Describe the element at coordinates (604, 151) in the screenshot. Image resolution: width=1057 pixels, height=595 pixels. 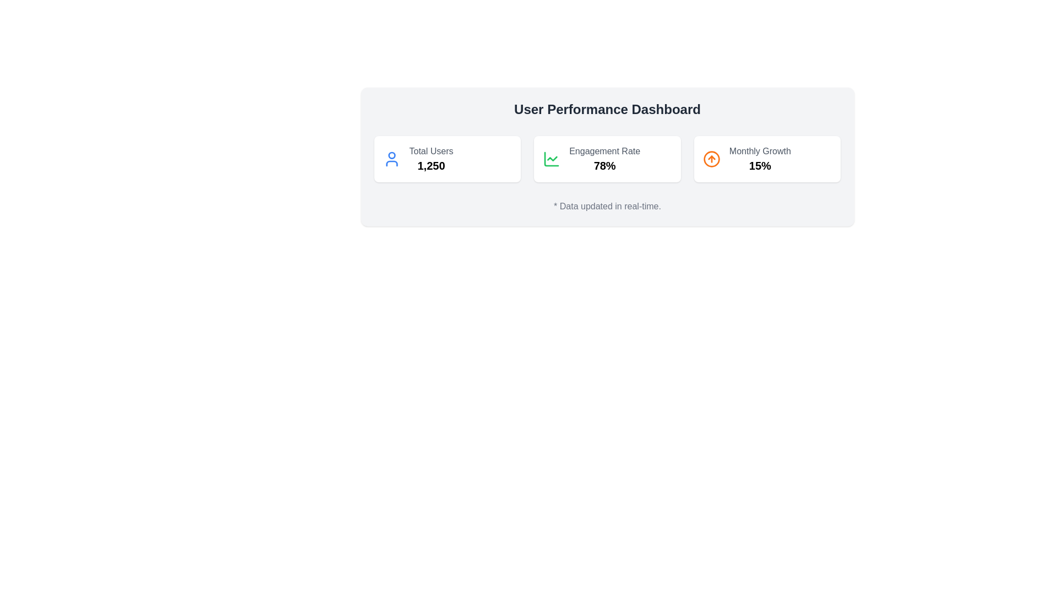
I see `label that describes the '78%' engagement rate in the User Performance Dashboard, centrally located in the second card of three cards` at that location.